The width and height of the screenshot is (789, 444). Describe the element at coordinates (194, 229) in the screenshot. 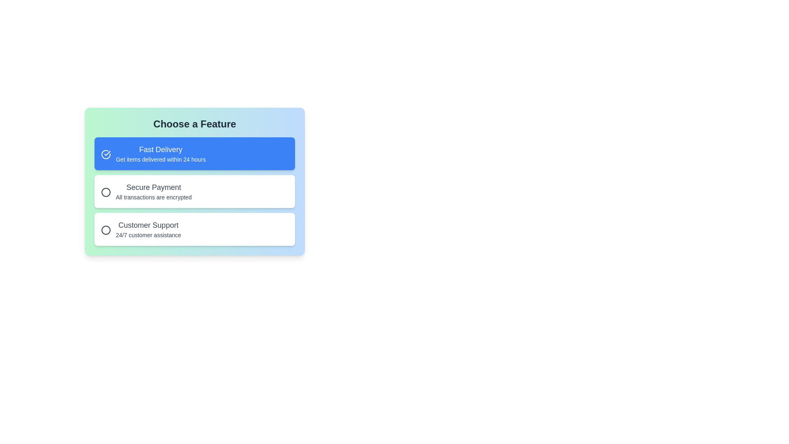

I see `the Information item indicating 24/7 customer support services by moving the cursor to its center position` at that location.